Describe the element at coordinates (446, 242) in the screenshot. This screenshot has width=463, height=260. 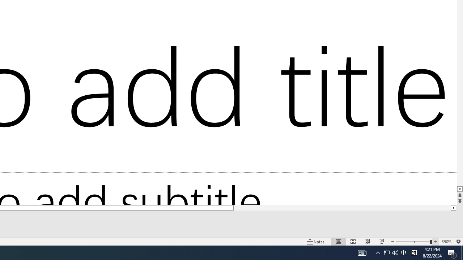
I see `'Zoom 390%'` at that location.